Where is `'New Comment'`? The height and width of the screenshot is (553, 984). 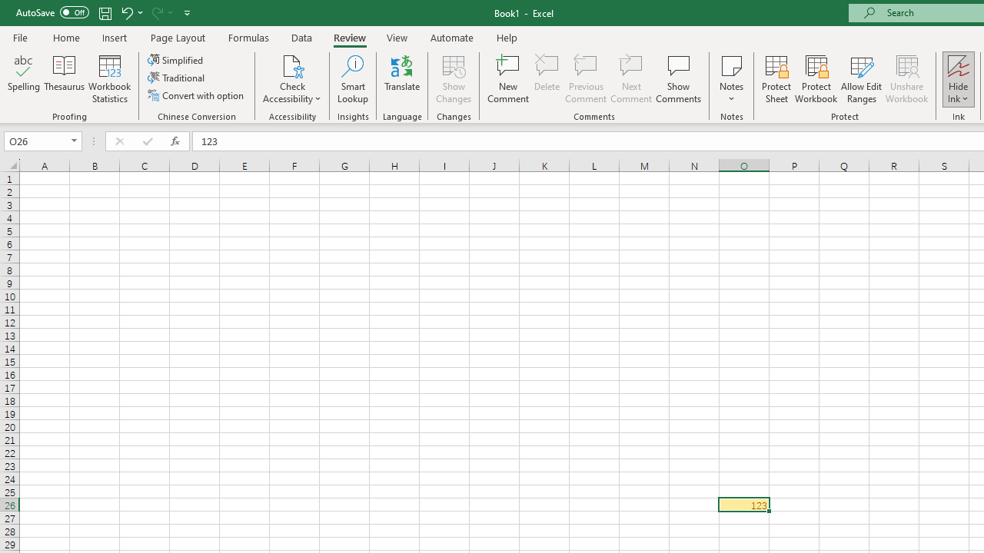 'New Comment' is located at coordinates (508, 79).